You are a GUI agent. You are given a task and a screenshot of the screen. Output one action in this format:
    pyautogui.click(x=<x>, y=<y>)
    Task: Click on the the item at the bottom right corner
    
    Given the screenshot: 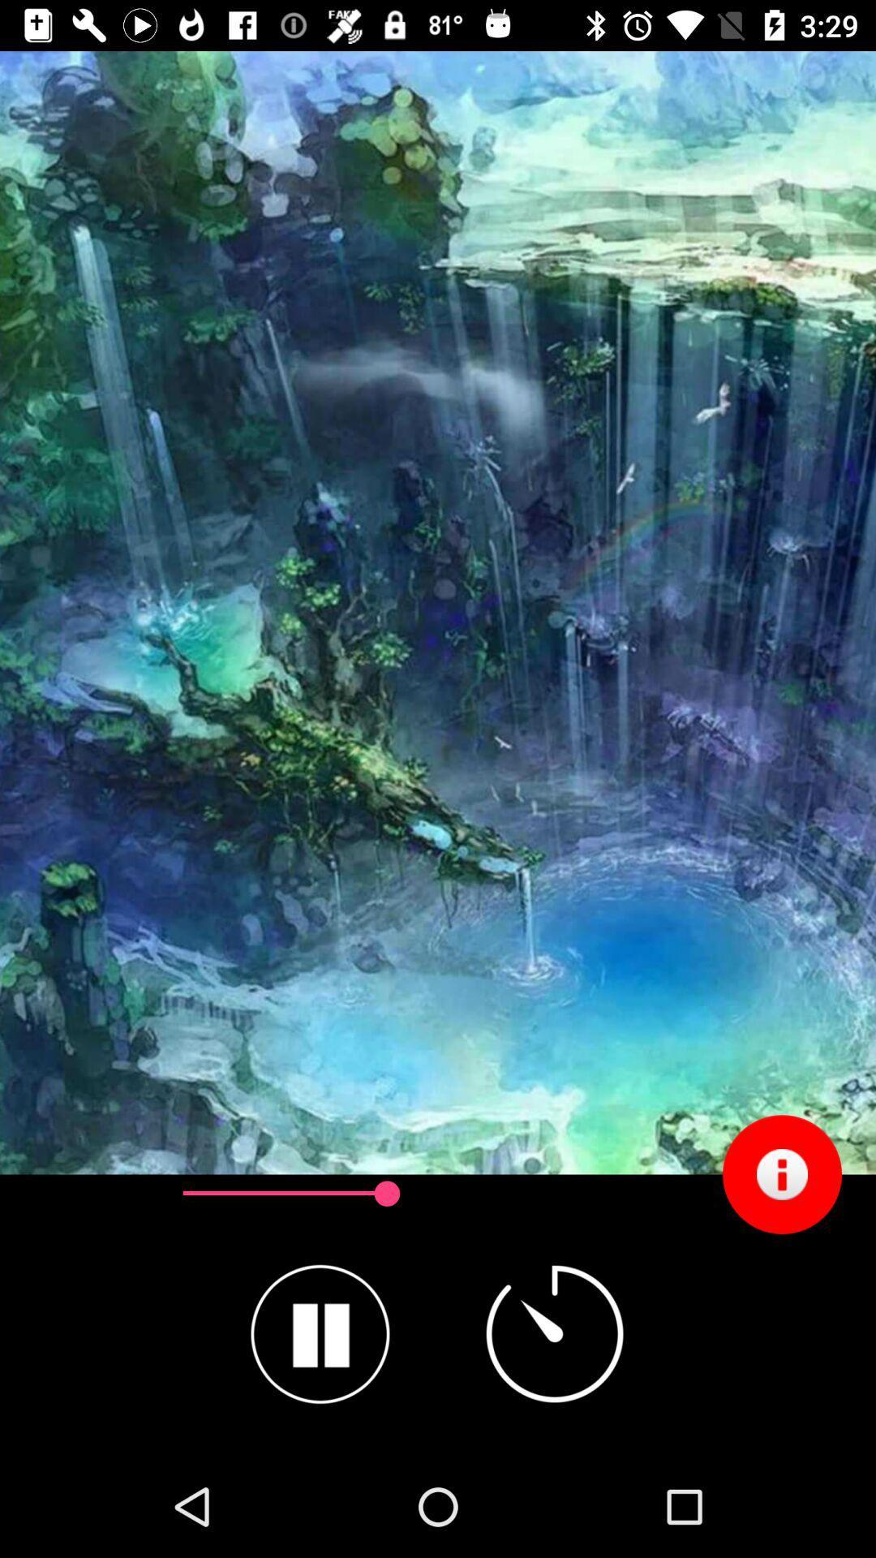 What is the action you would take?
    pyautogui.click(x=781, y=1174)
    